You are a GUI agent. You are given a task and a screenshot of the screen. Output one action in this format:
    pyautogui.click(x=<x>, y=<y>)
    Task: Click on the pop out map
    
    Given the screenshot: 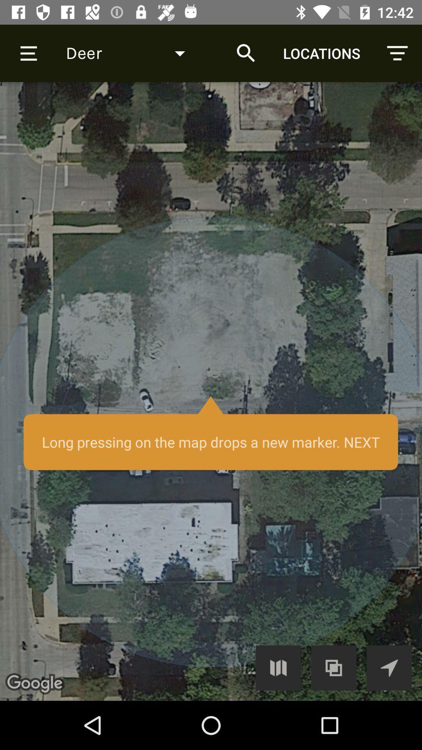 What is the action you would take?
    pyautogui.click(x=334, y=667)
    